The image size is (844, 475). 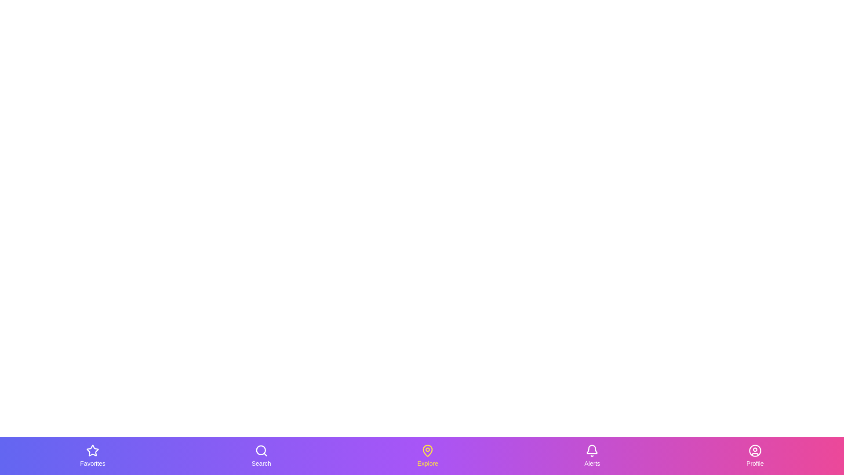 I want to click on the tab labeled Favorites to observe the hover effect, so click(x=93, y=456).